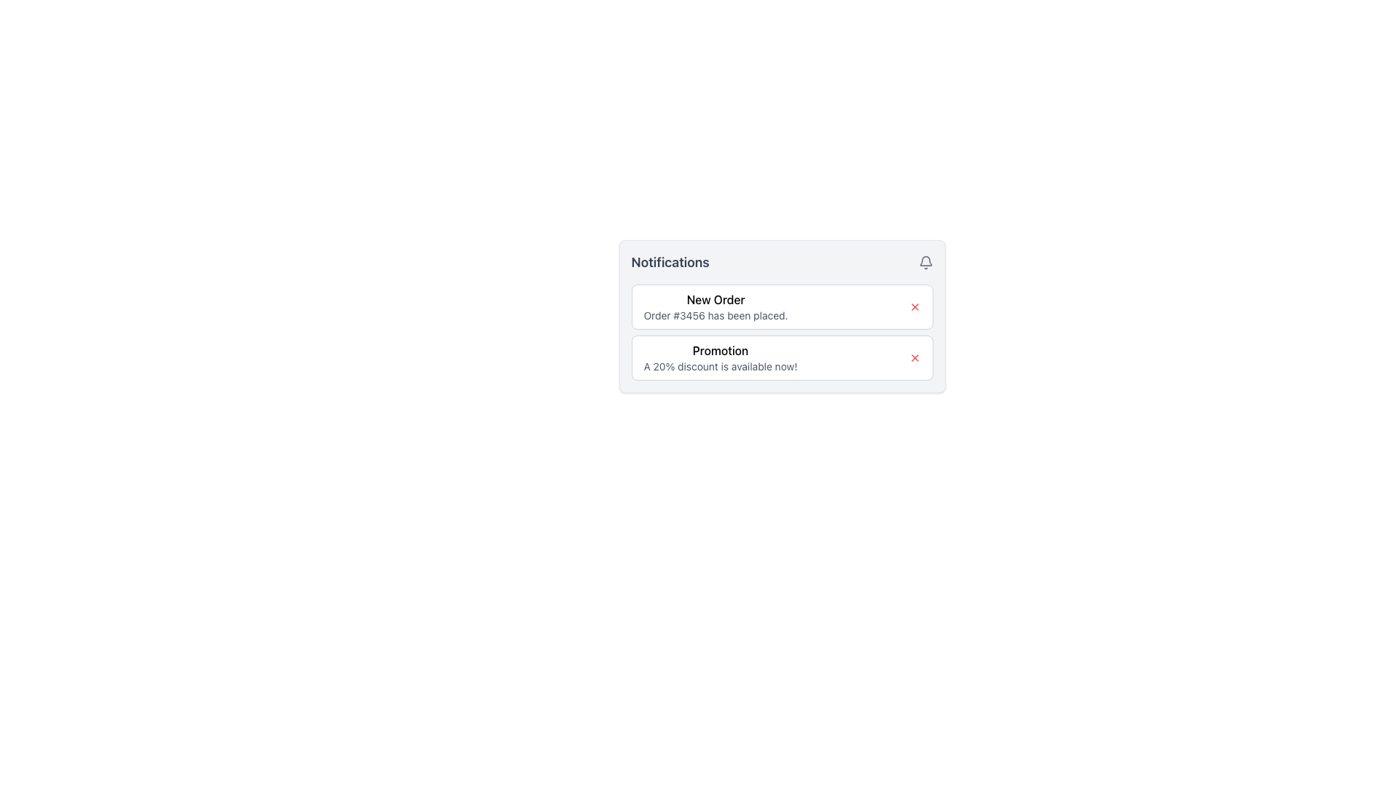 This screenshot has width=1399, height=786. I want to click on the outlined bell icon located in the top-right corner of the 'Notifications' section header, so click(925, 263).